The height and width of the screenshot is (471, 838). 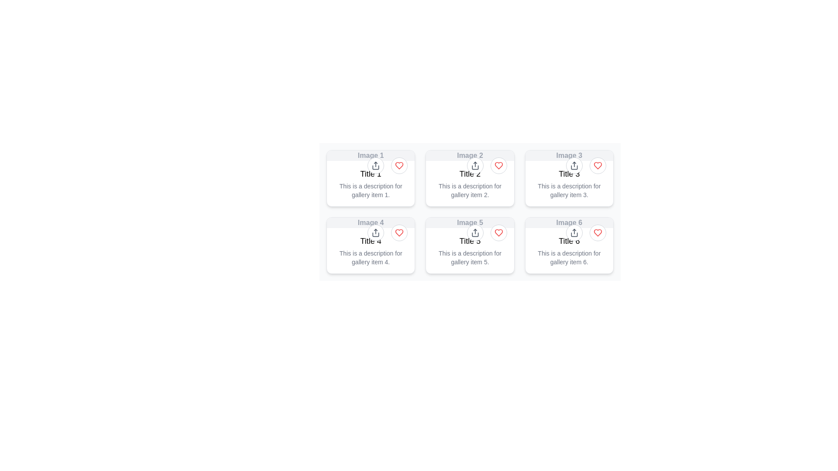 I want to click on the share button and heart button located in the top-right corner of the card labeled 'Title 6', so click(x=586, y=232).